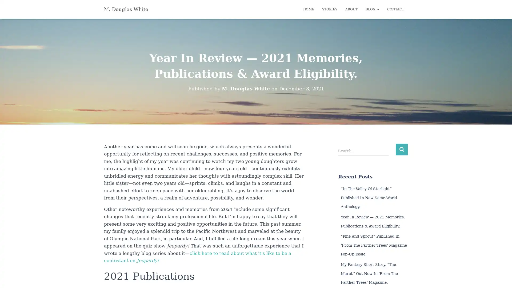 The width and height of the screenshot is (512, 288). I want to click on Search, so click(402, 149).